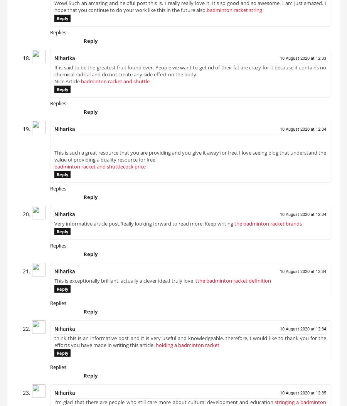  I want to click on 'holding a badminton racket', so click(187, 347).